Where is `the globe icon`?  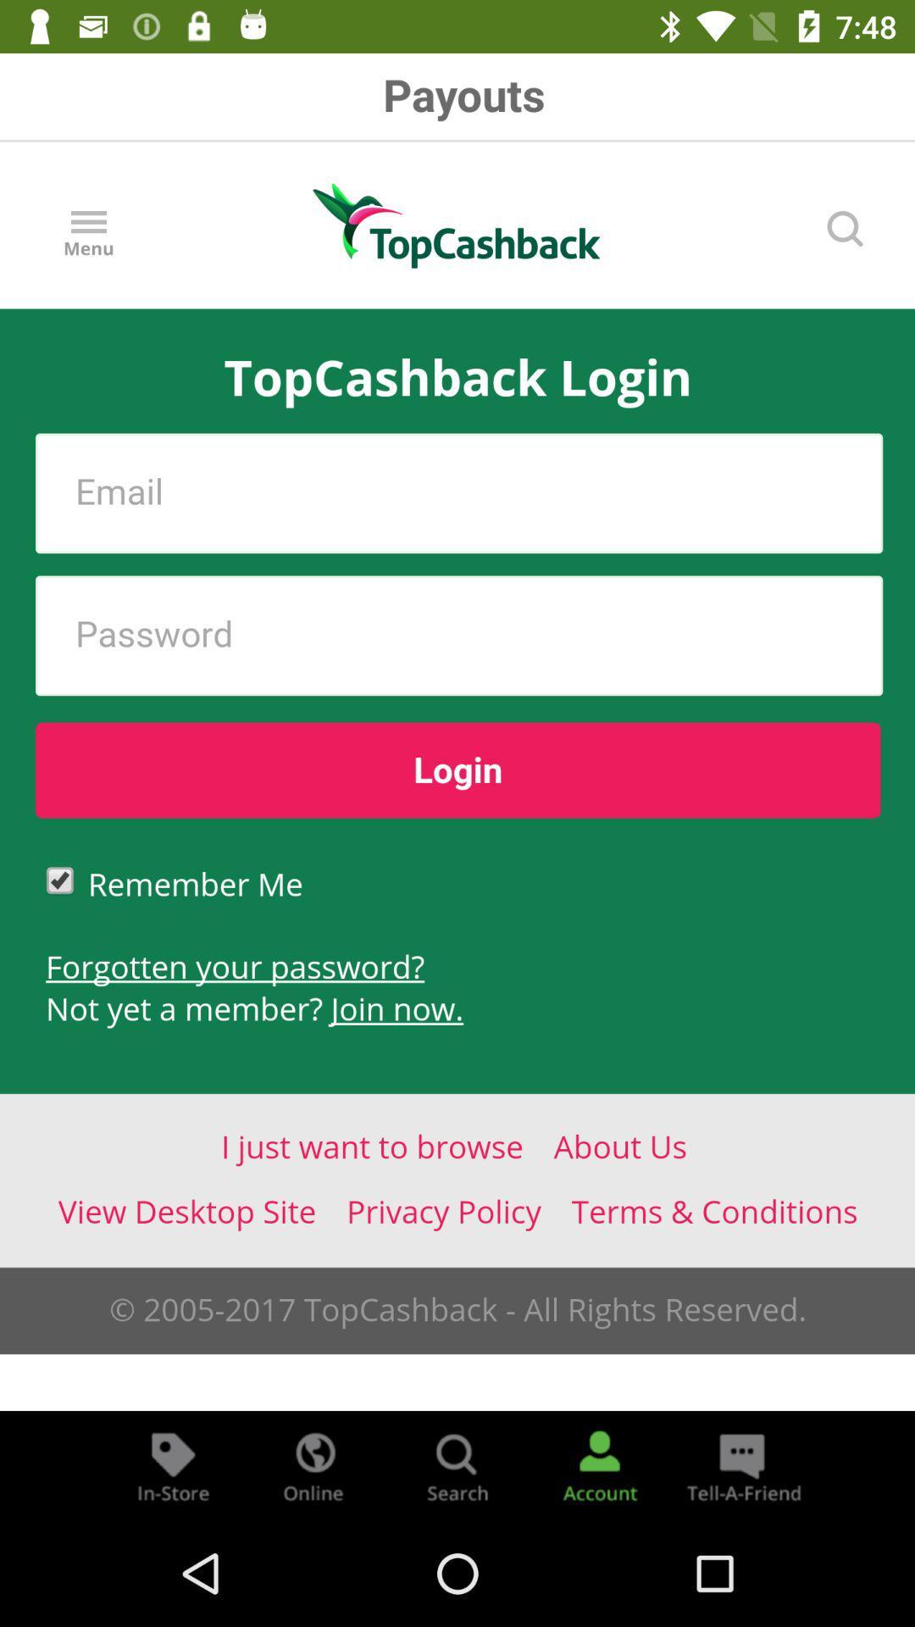
the globe icon is located at coordinates (314, 1464).